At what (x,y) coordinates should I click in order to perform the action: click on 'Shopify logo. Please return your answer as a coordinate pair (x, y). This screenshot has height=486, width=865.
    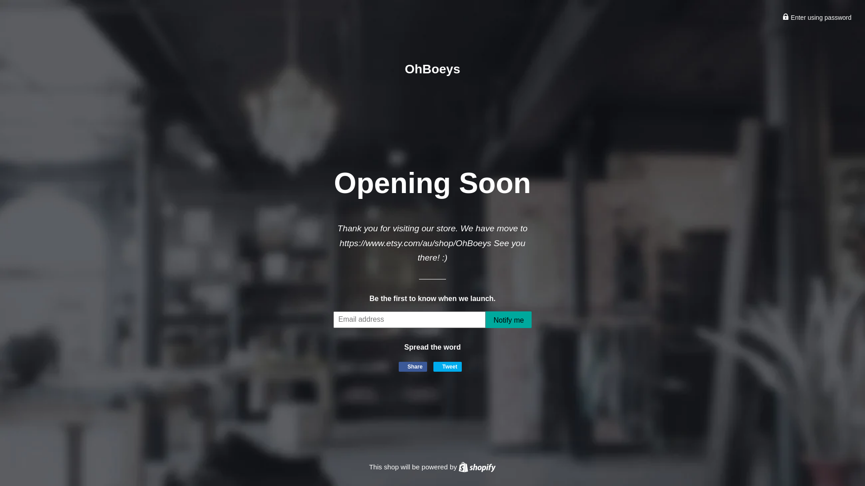
    Looking at the image, I should click on (477, 466).